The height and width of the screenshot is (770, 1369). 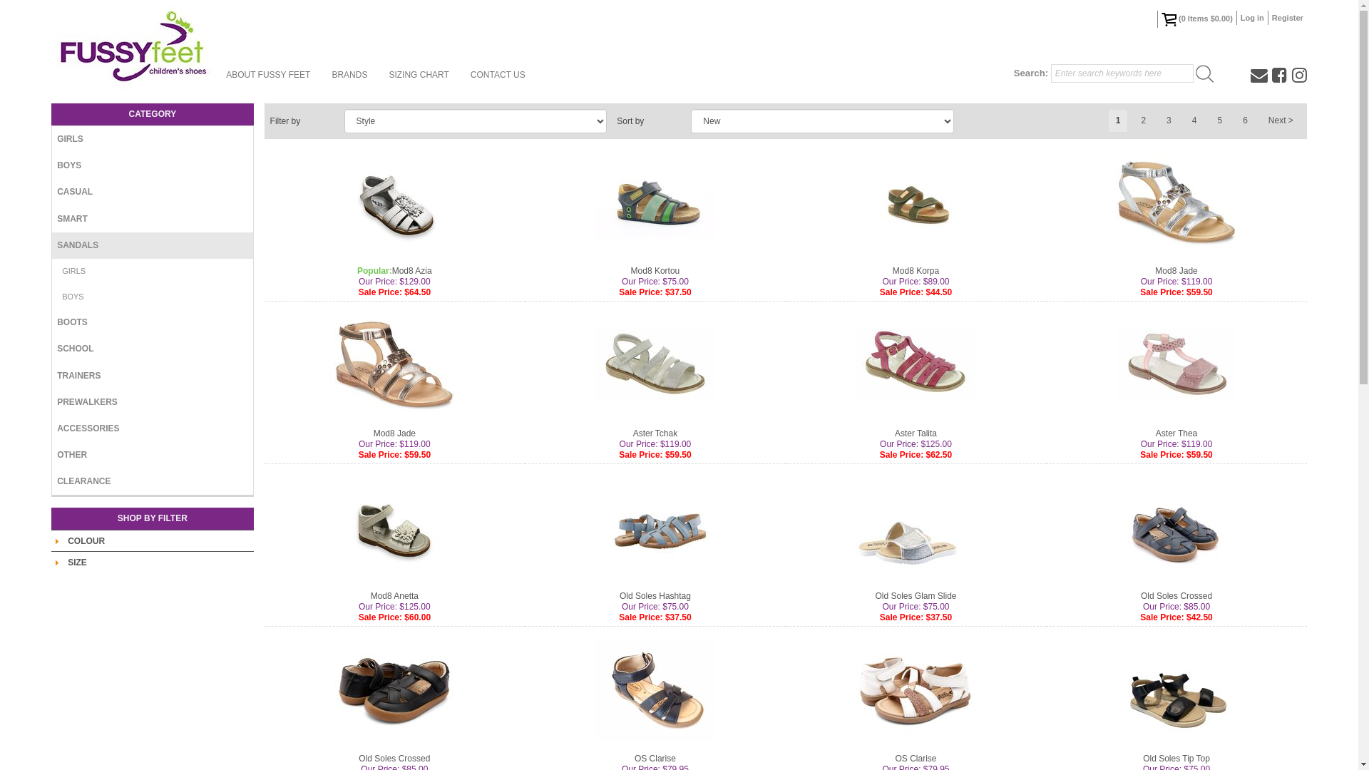 I want to click on 'Aster Thea-sandals-Fussy Feet - Childrens Shoes', so click(x=1176, y=364).